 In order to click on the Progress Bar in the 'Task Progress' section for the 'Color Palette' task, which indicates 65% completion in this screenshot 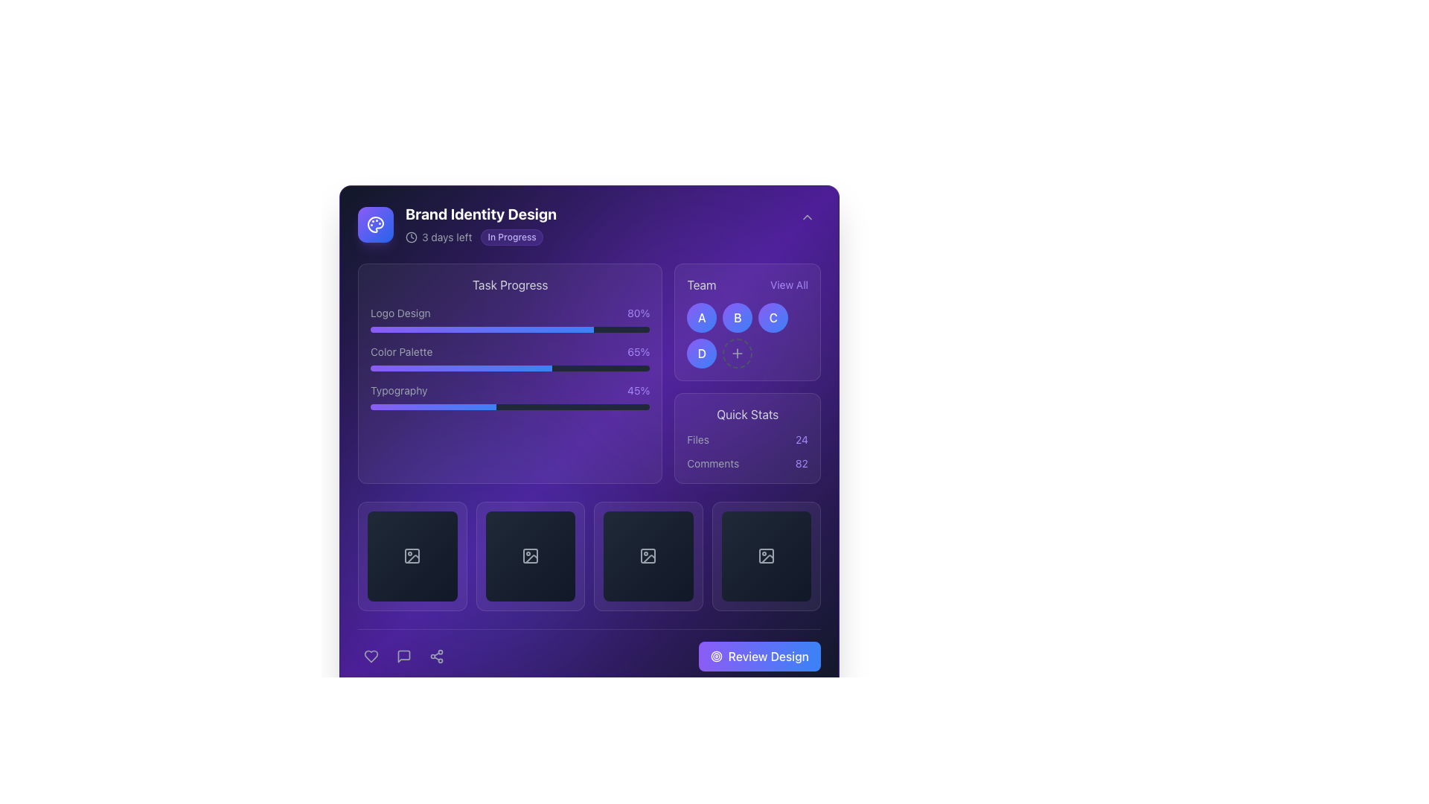, I will do `click(460, 368)`.